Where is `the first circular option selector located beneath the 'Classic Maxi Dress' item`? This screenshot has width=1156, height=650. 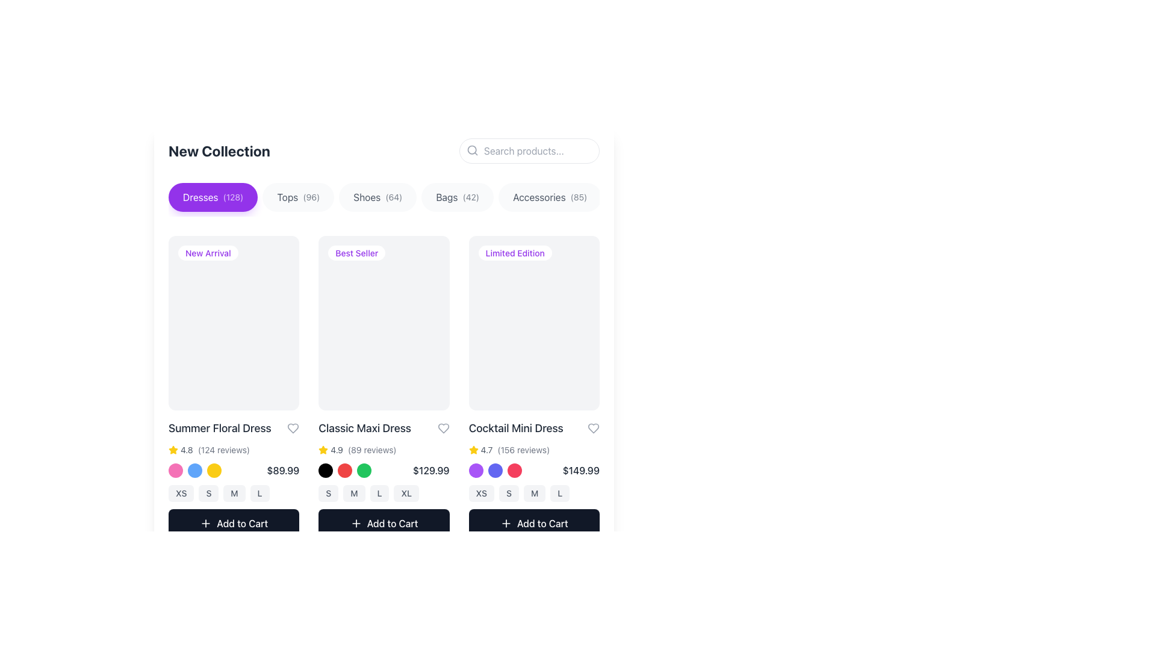 the first circular option selector located beneath the 'Classic Maxi Dress' item is located at coordinates (326, 469).